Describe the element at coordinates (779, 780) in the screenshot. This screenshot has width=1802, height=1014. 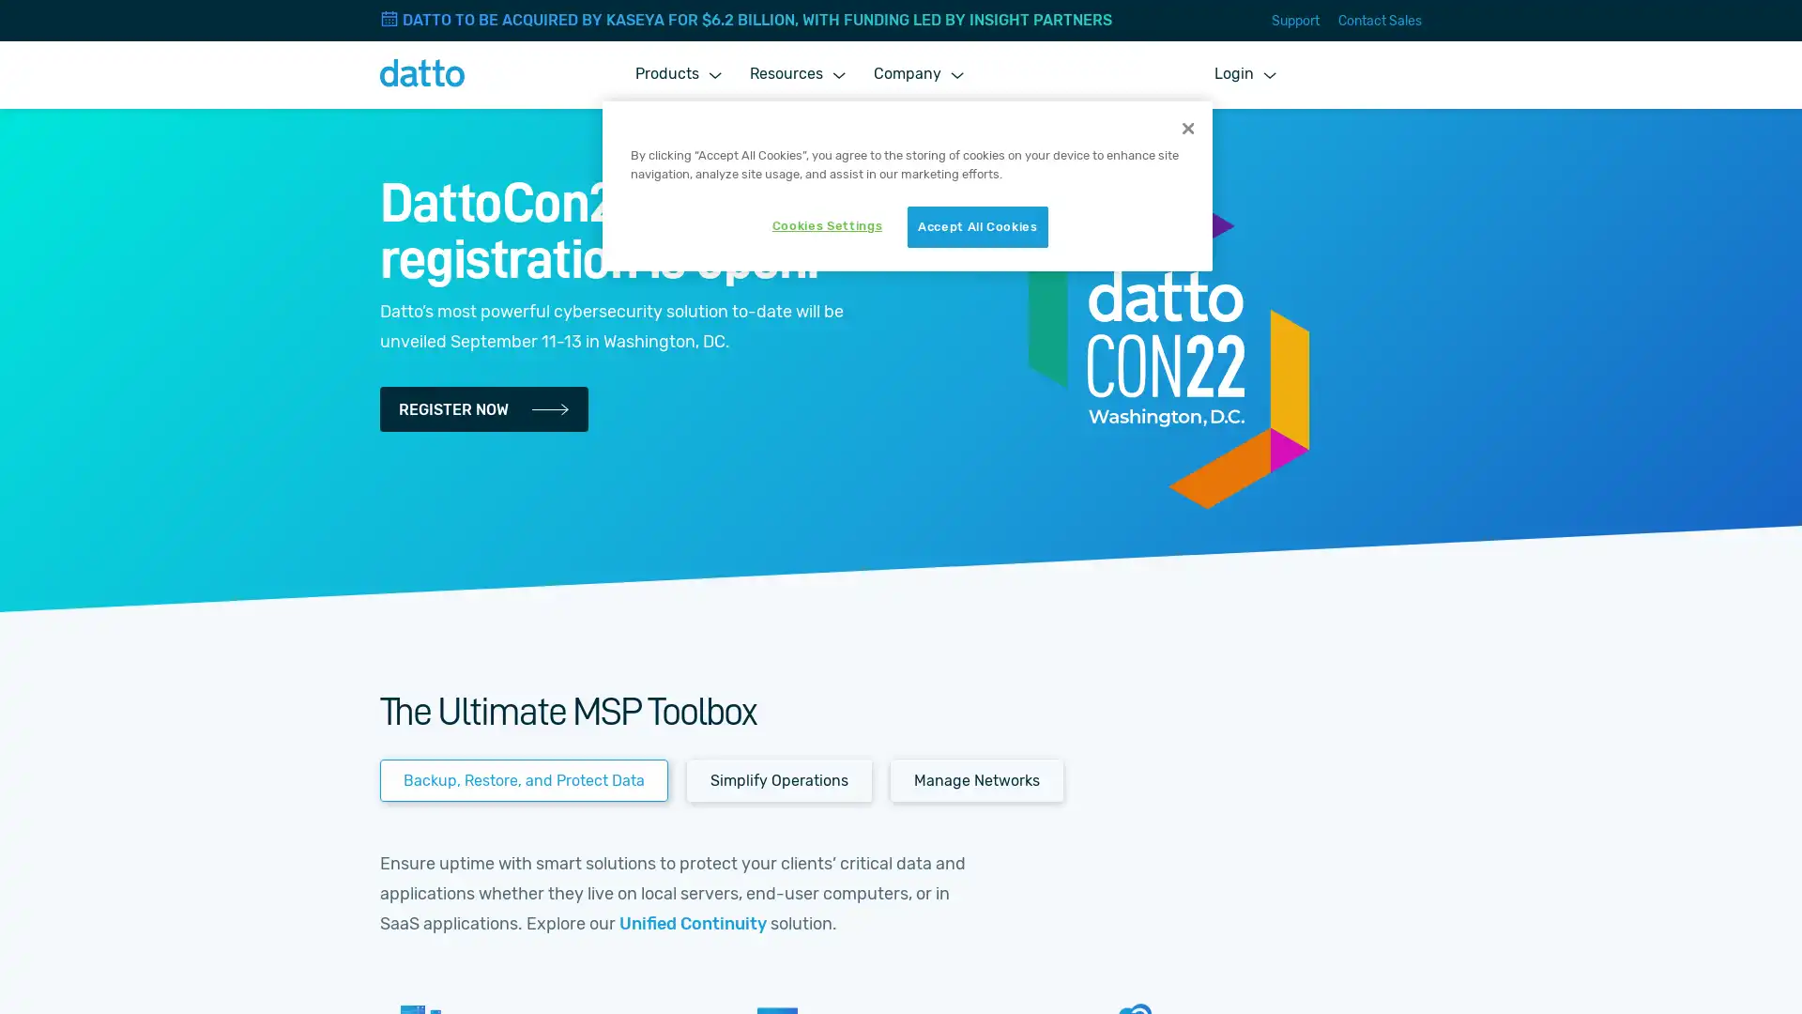
I see `Simplify Operations` at that location.